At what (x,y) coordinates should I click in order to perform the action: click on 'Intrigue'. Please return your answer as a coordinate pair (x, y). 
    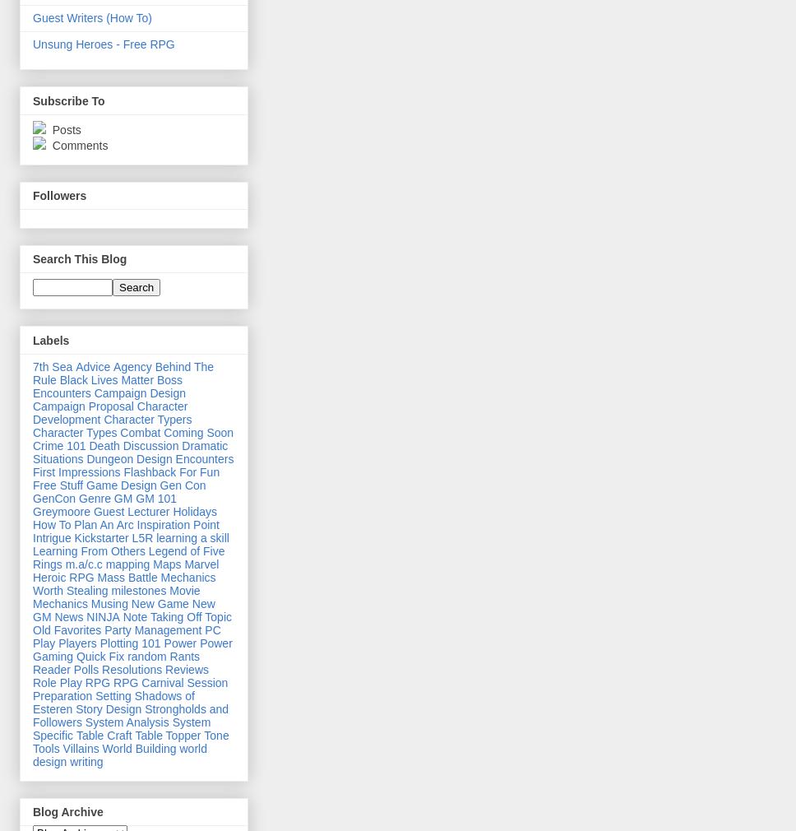
    Looking at the image, I should click on (51, 536).